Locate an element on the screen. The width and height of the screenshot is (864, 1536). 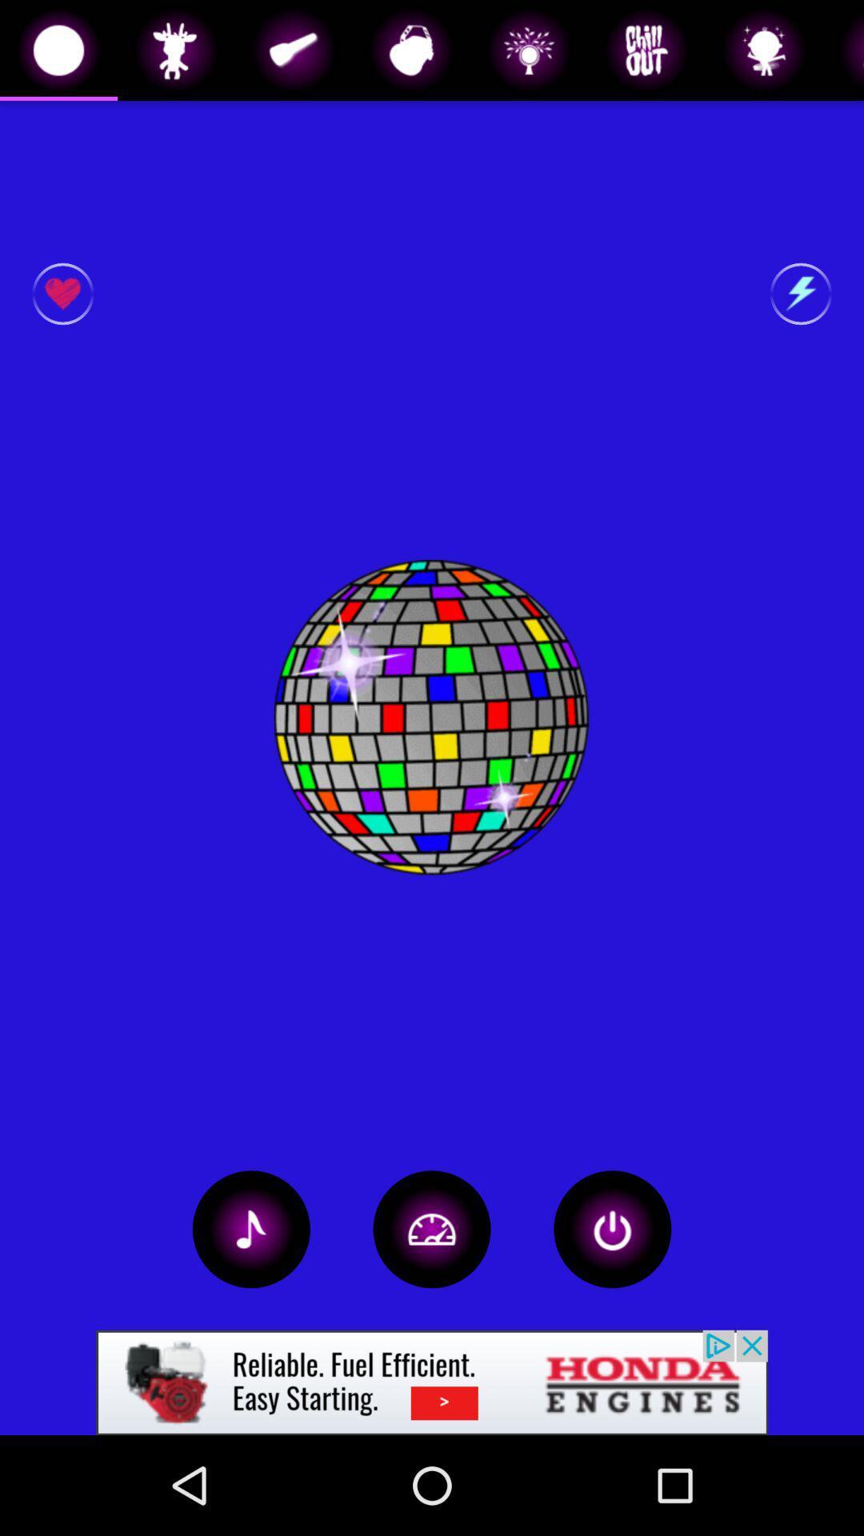
love button is located at coordinates (62, 294).